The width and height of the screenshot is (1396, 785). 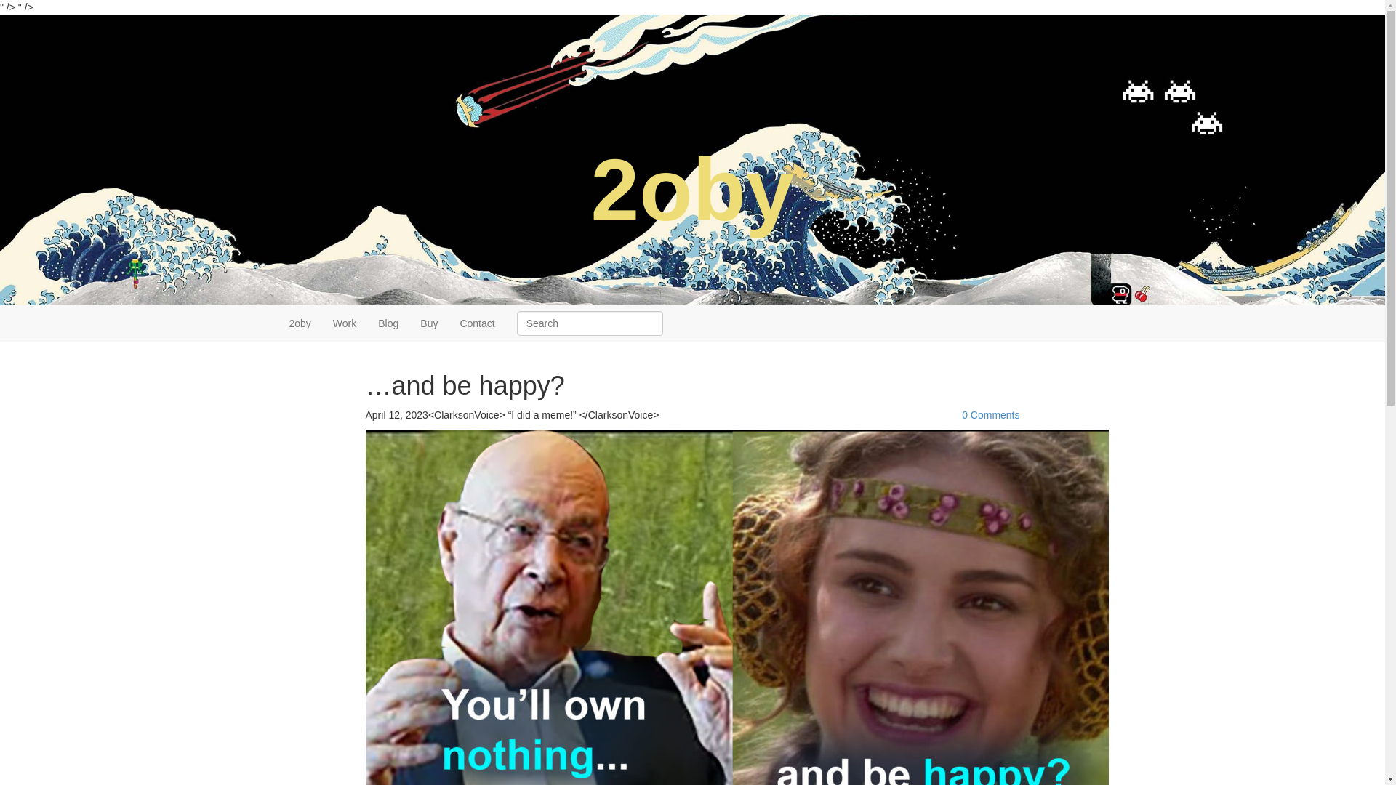 I want to click on 'Buy', so click(x=408, y=322).